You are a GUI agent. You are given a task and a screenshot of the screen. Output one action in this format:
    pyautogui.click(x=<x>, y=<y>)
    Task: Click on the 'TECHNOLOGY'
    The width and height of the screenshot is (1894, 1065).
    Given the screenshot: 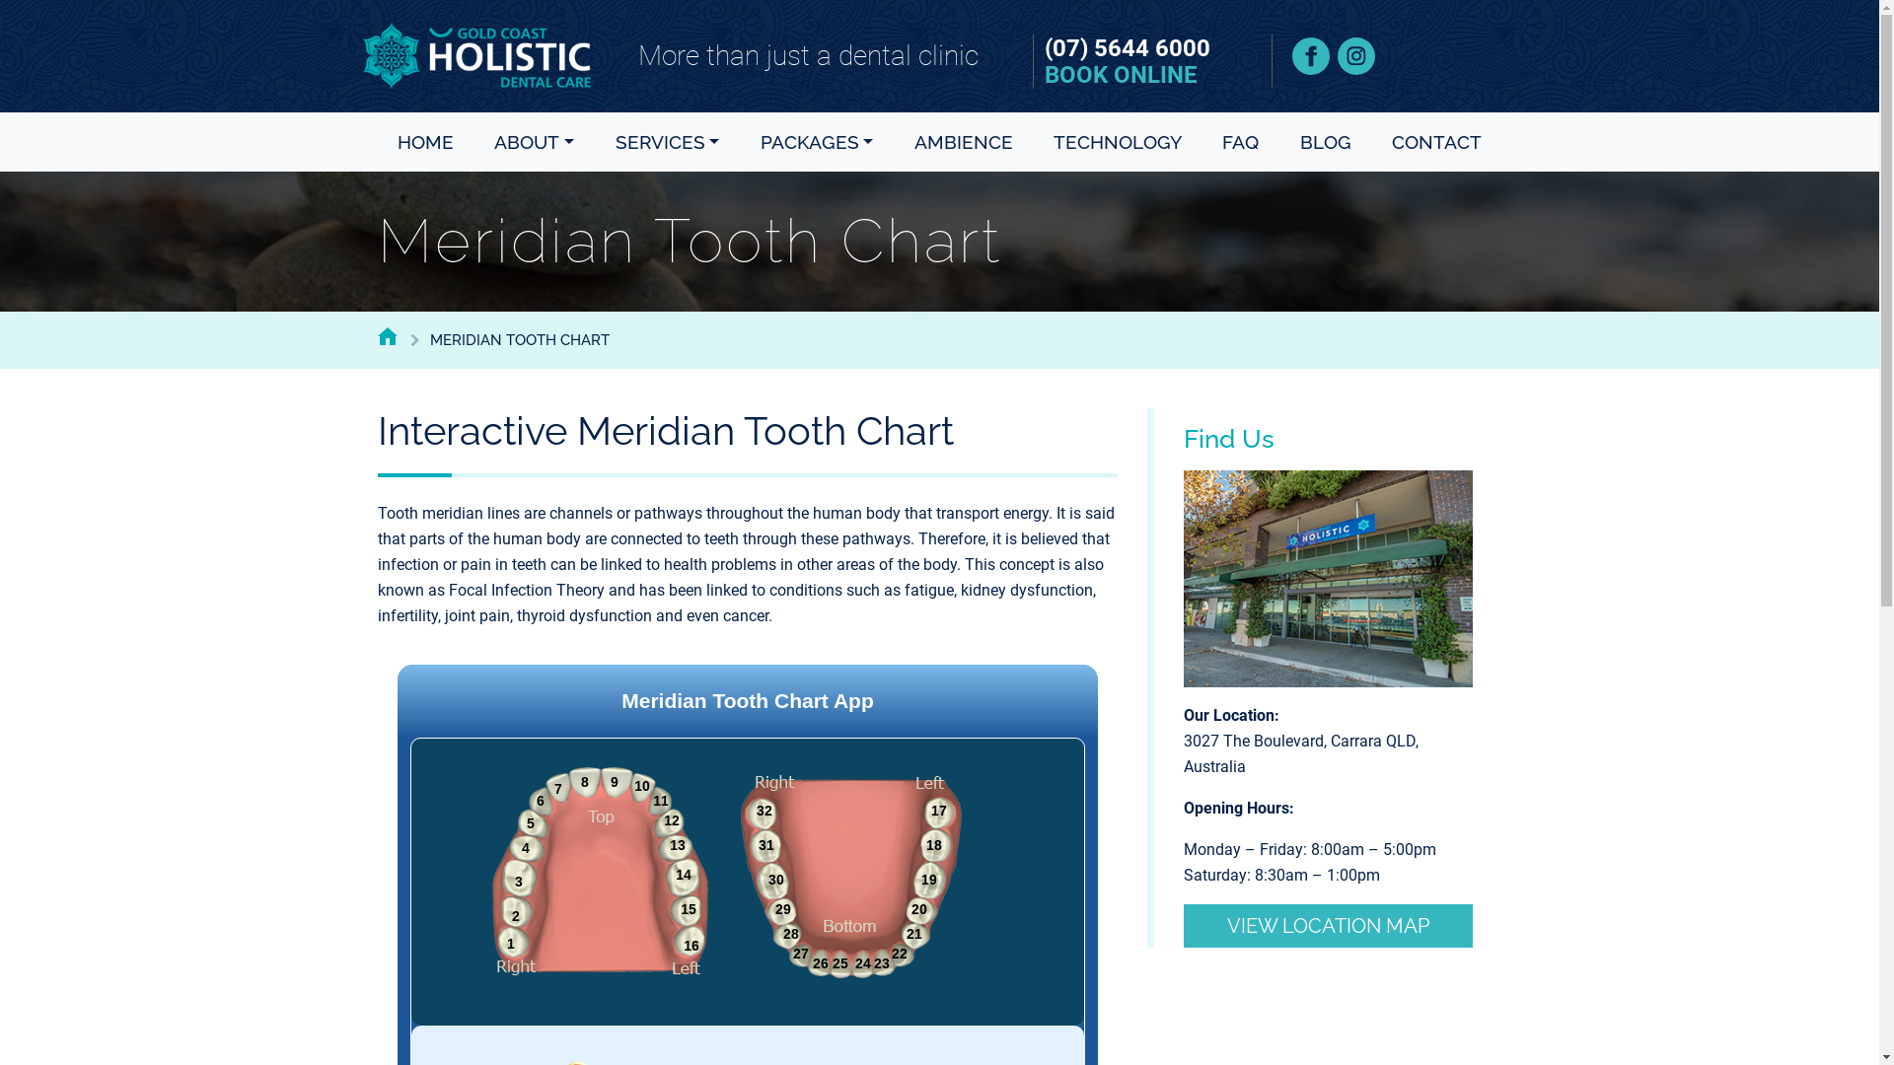 What is the action you would take?
    pyautogui.click(x=1045, y=141)
    